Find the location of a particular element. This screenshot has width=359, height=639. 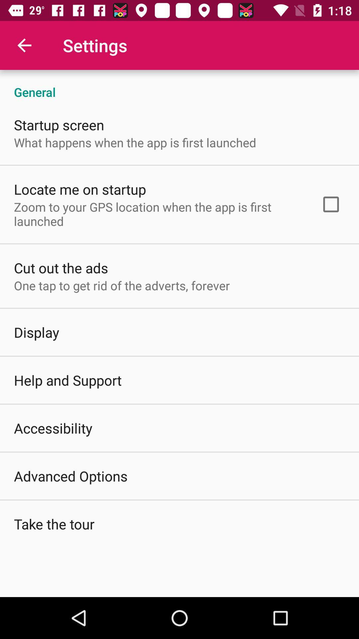

item above cut out the icon is located at coordinates (159, 214).